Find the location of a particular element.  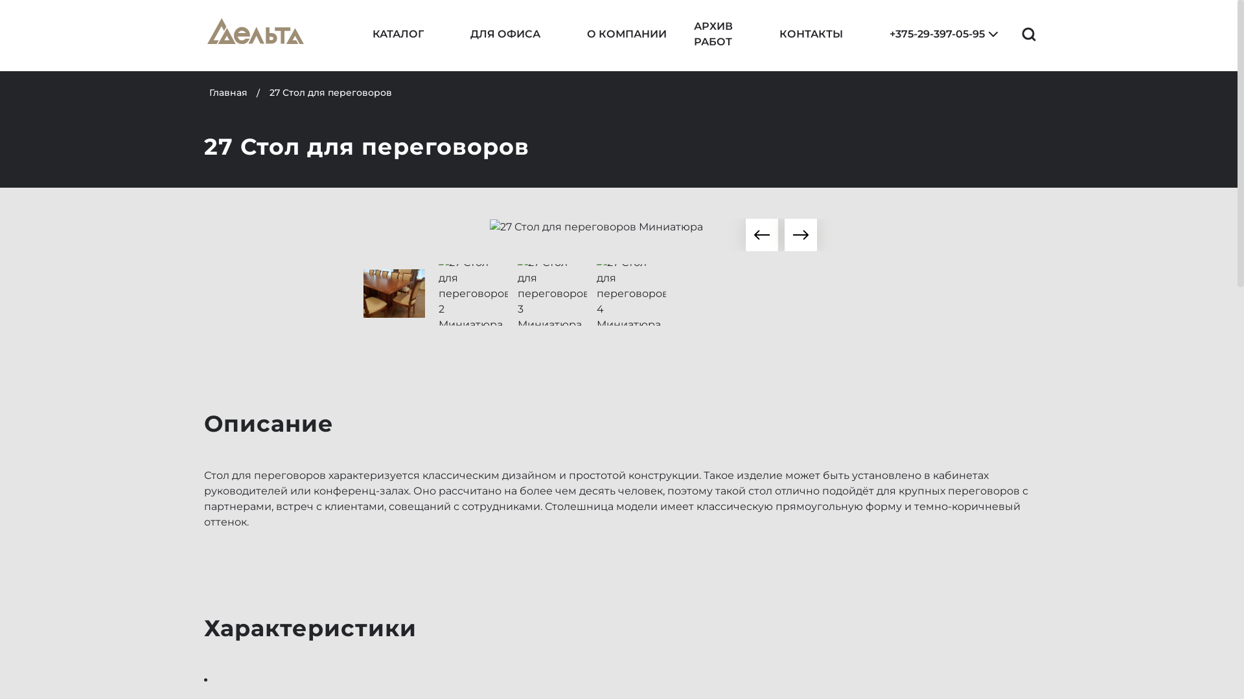

'+375-29-397-05-95' is located at coordinates (927, 34).